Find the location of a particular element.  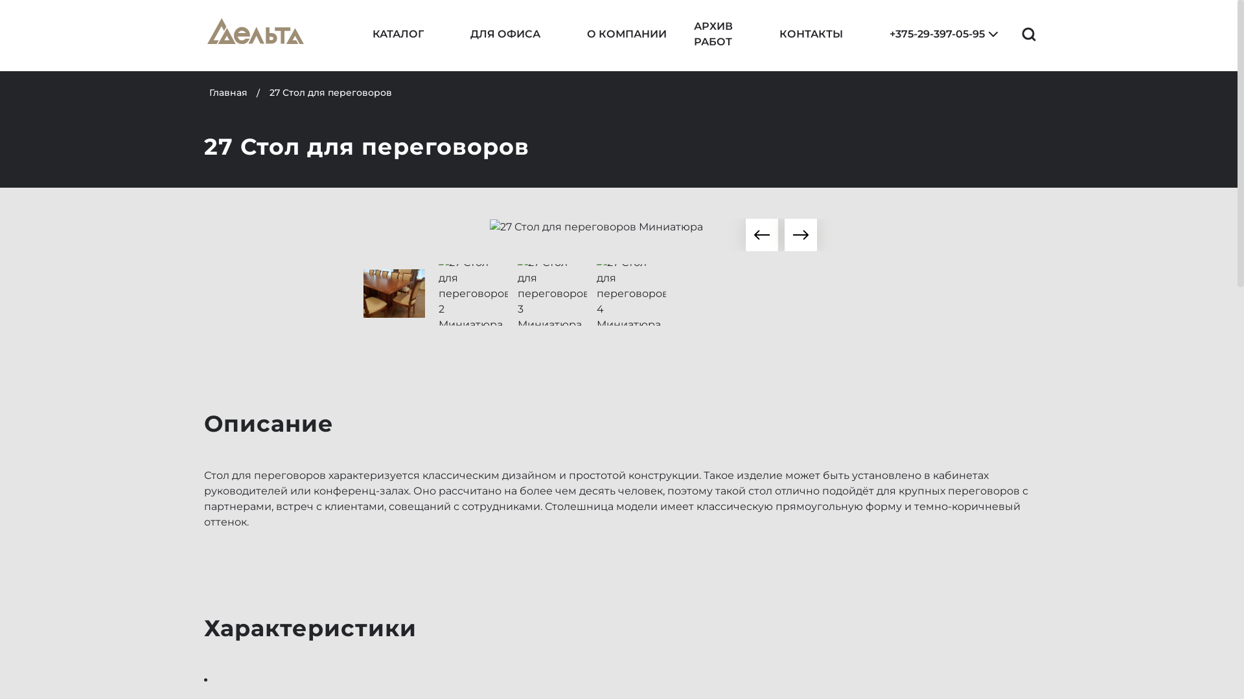

'+375-29-397-05-95' is located at coordinates (927, 34).